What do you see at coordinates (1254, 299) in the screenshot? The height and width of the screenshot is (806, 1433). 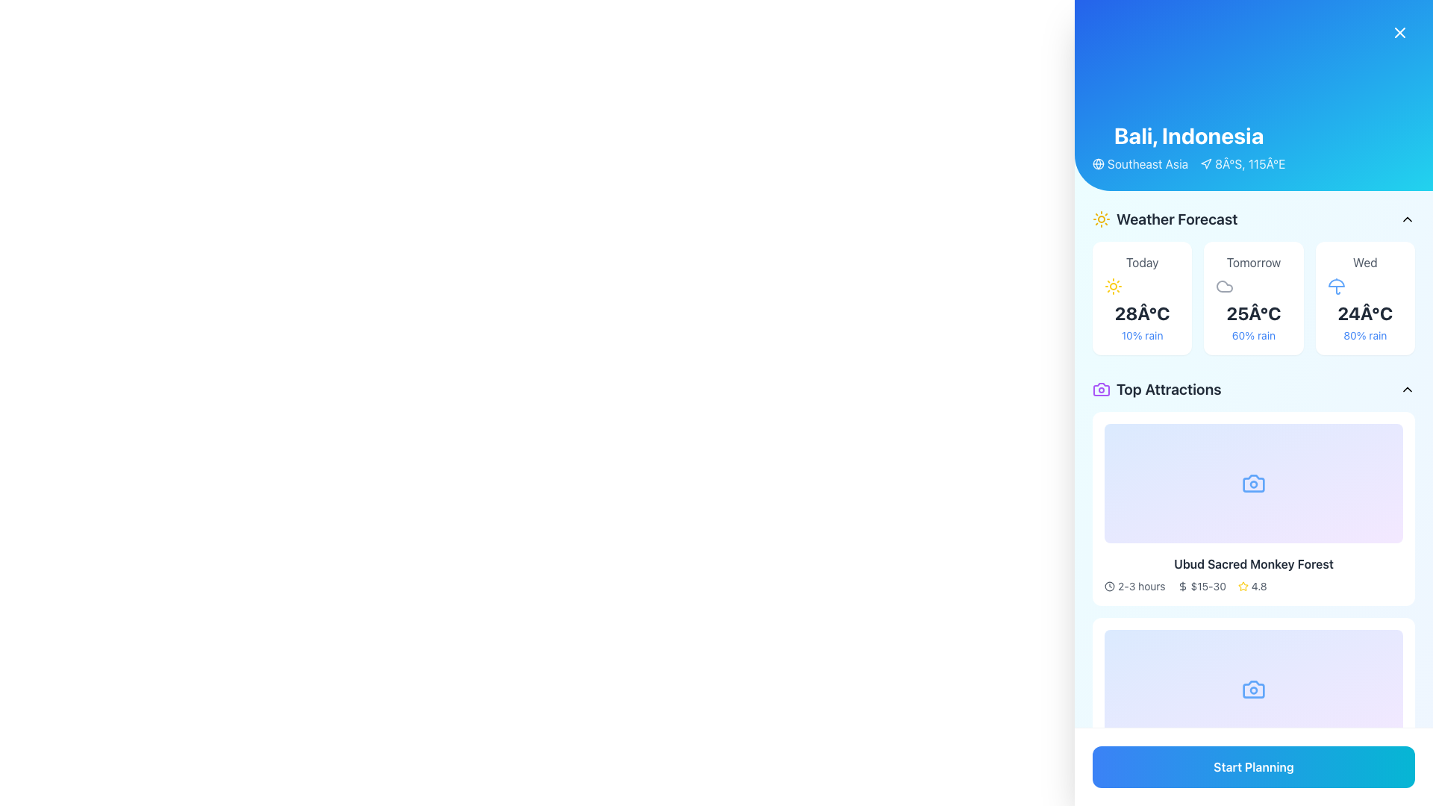 I see `displayed weather forecast information from the informational card located in the middle column under the 'Weather Forecast' section` at bounding box center [1254, 299].